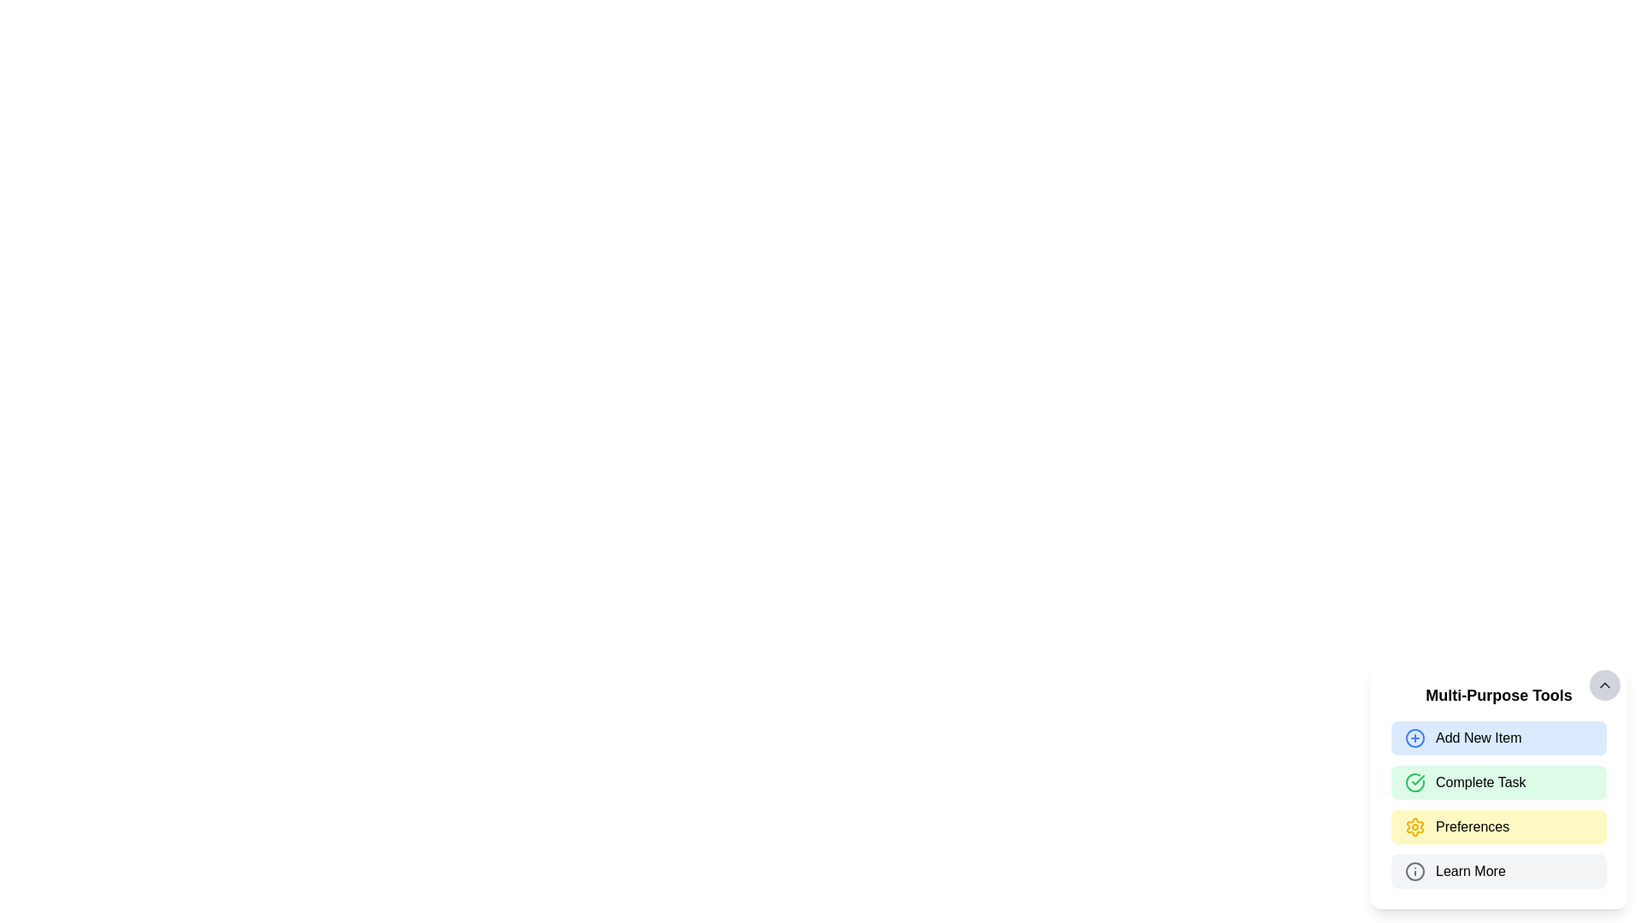  I want to click on the Text label that indicates the action to complete a task, which is positioned inside a green button in the 'Multi-Purpose Tools' section, as the second item below 'Add New Item', so click(1479, 782).